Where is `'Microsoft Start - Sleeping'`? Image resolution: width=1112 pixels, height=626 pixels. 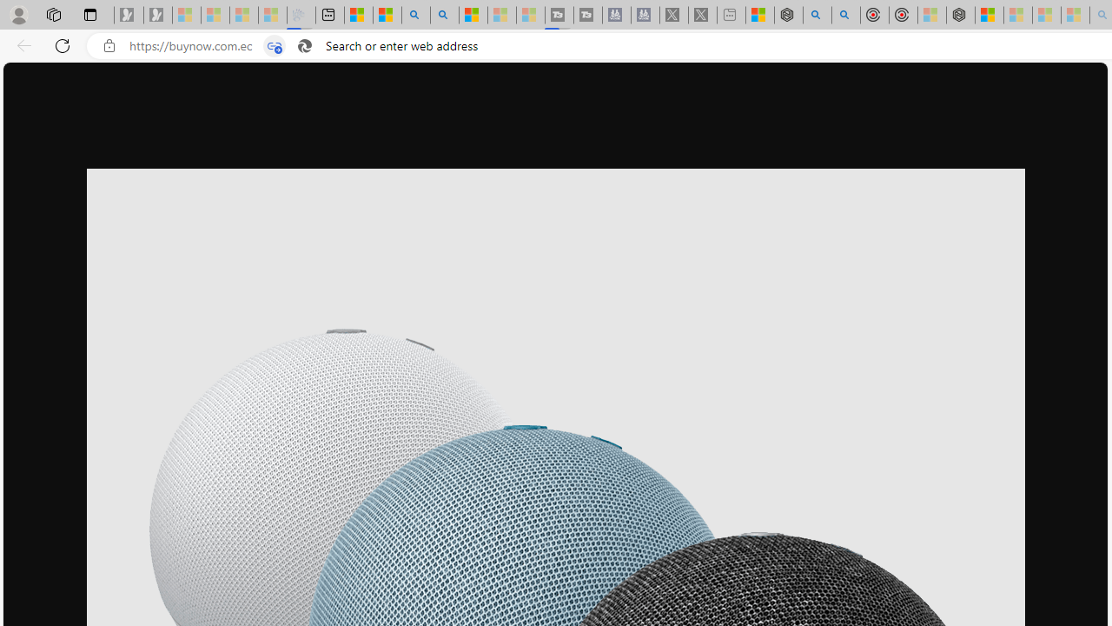
'Microsoft Start - Sleeping' is located at coordinates (500, 15).